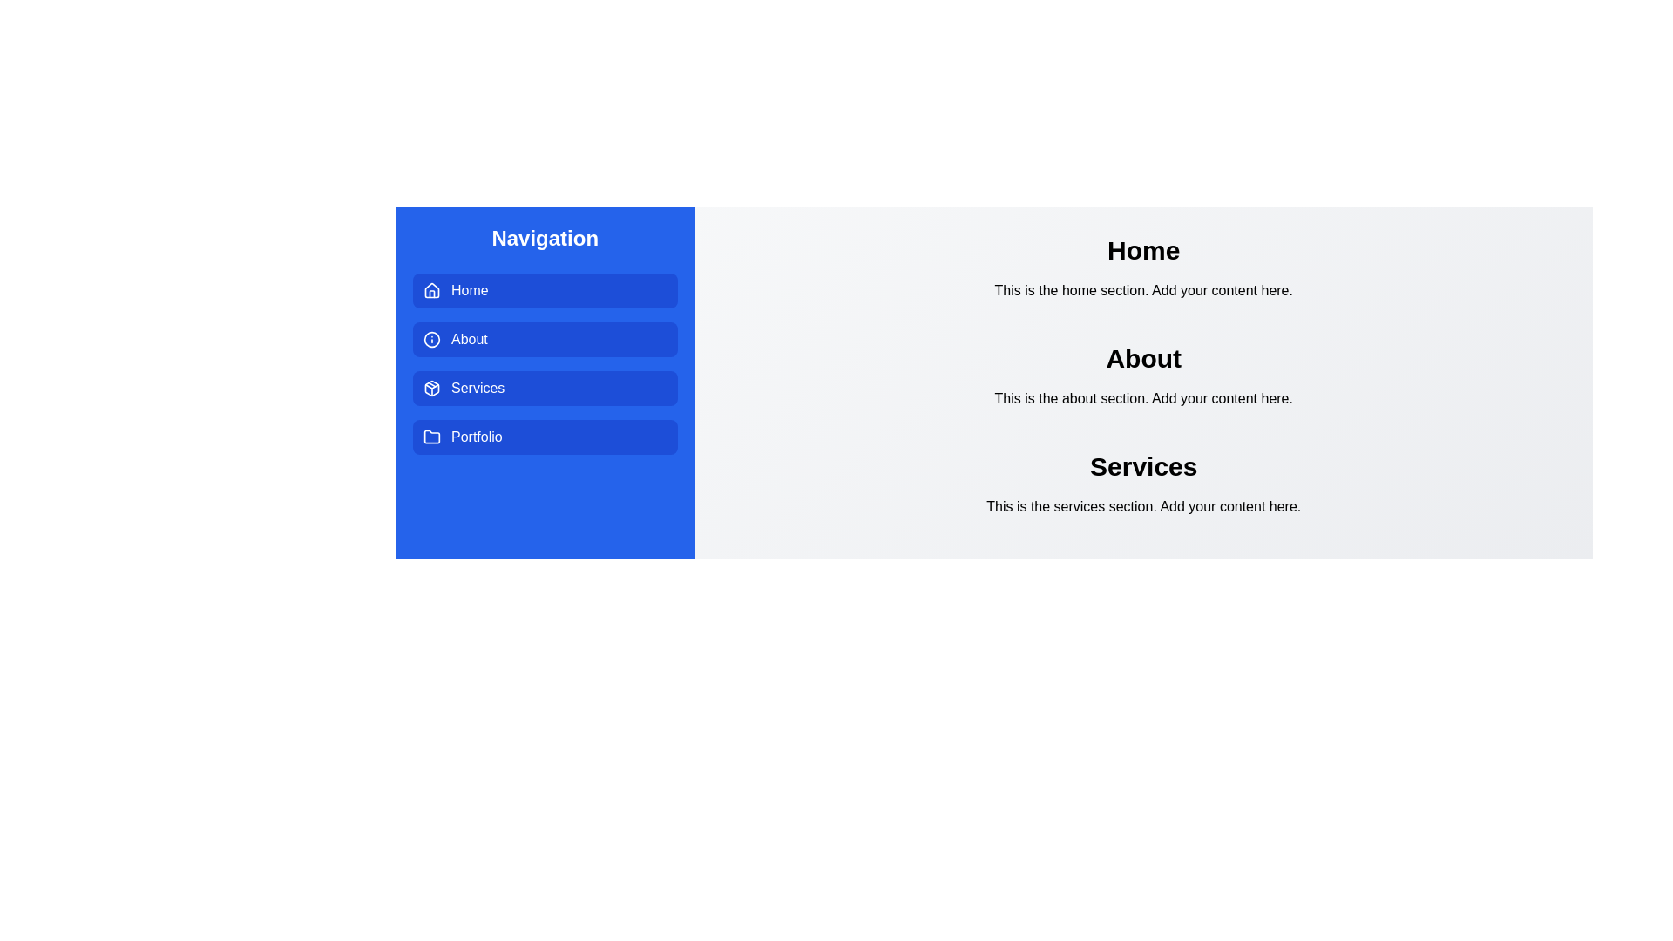  I want to click on the hexagonal or polygonal icon in the navigation panel on the left side, specifically associated with the 'Services' option, so click(431, 388).